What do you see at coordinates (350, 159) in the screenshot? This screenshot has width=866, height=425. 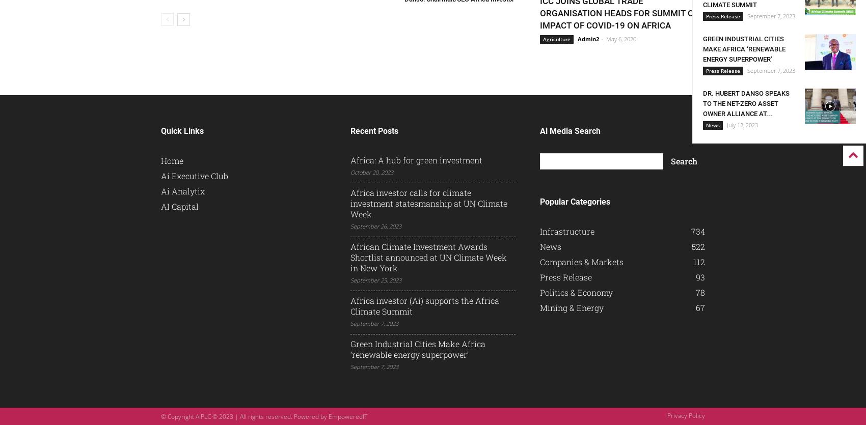 I see `'Africa: A hub for green investment'` at bounding box center [350, 159].